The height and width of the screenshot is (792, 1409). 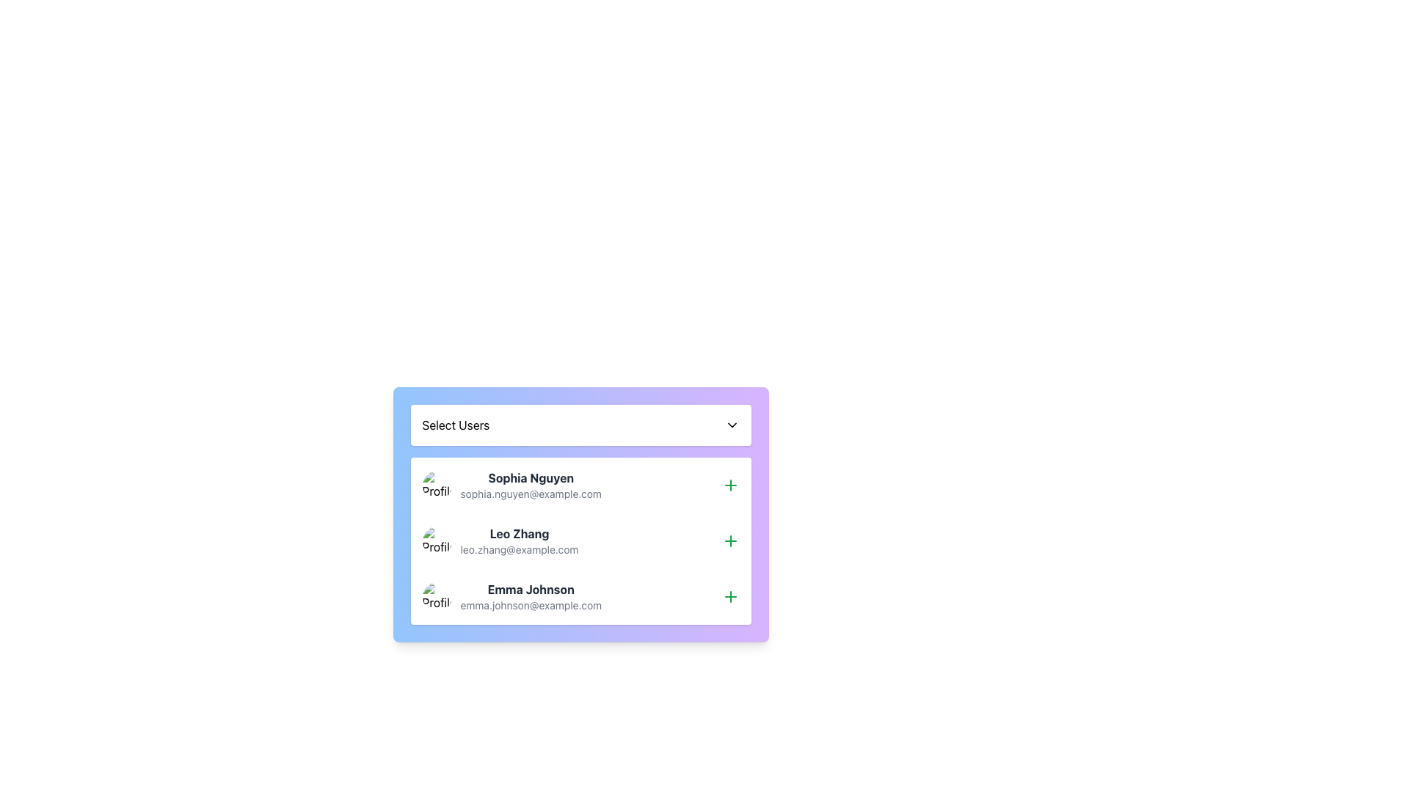 I want to click on the green plus icon button located in the top-right corner of Sophia Nguyen's user card, so click(x=730, y=485).